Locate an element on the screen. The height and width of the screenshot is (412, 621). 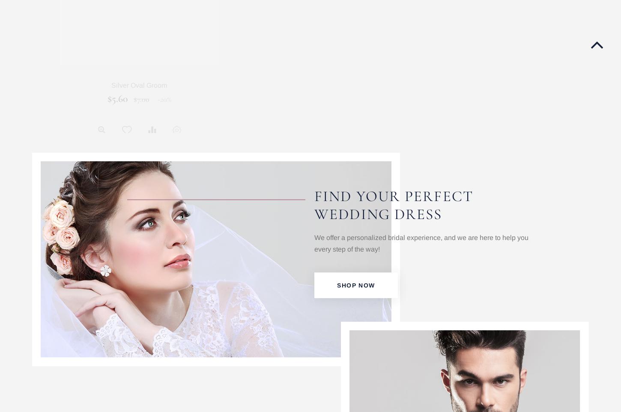
'$400.00' is located at coordinates (456, 98).